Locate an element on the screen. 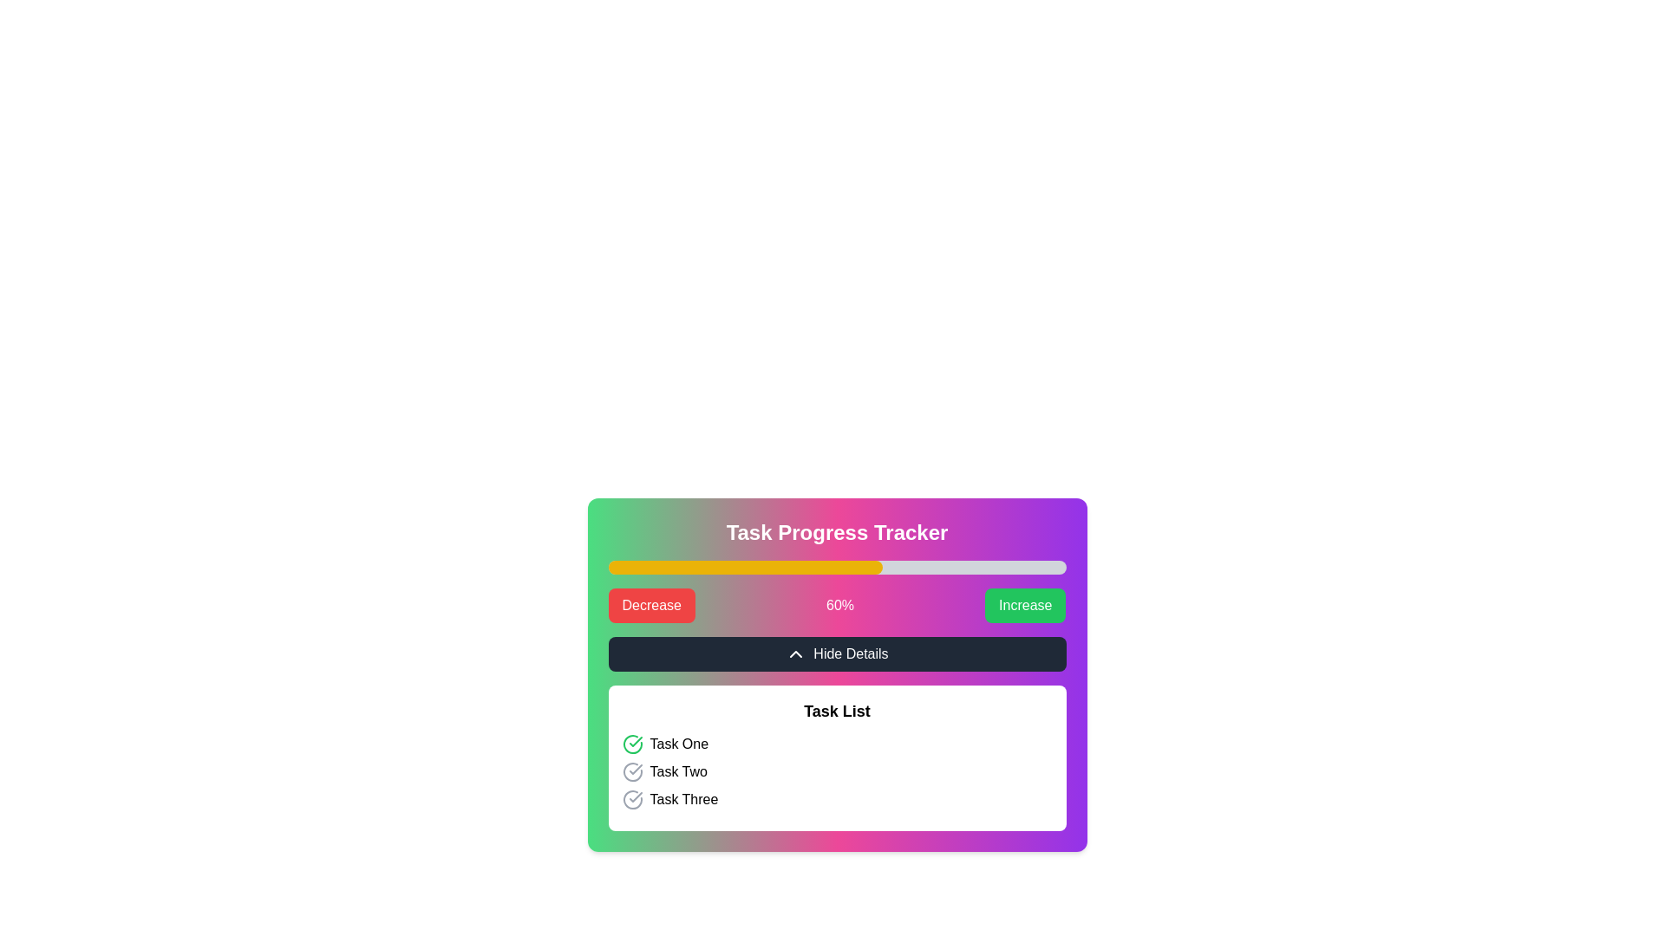 The image size is (1665, 936). the button on the far left that decreases the progress value, located adjacent to the '60%' percentage indicator is located at coordinates (650, 604).